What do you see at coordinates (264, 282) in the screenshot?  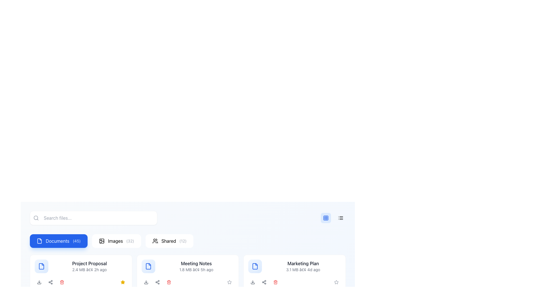 I see `the share icon (SVG icon) located in the file actions section under 'Marketing Plan'` at bounding box center [264, 282].